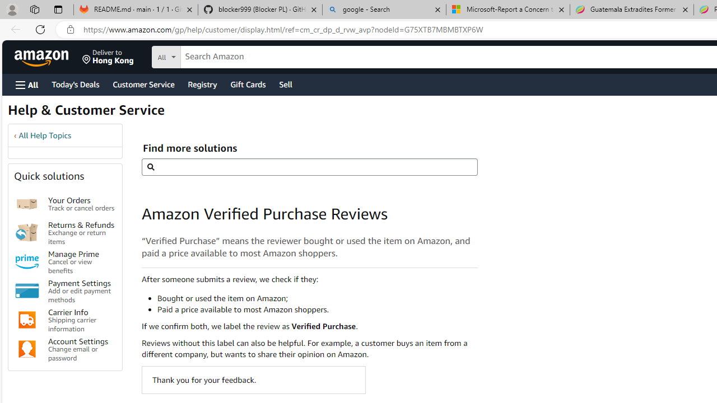 Image resolution: width=717 pixels, height=403 pixels. I want to click on 'Returns & Refunds', so click(27, 232).